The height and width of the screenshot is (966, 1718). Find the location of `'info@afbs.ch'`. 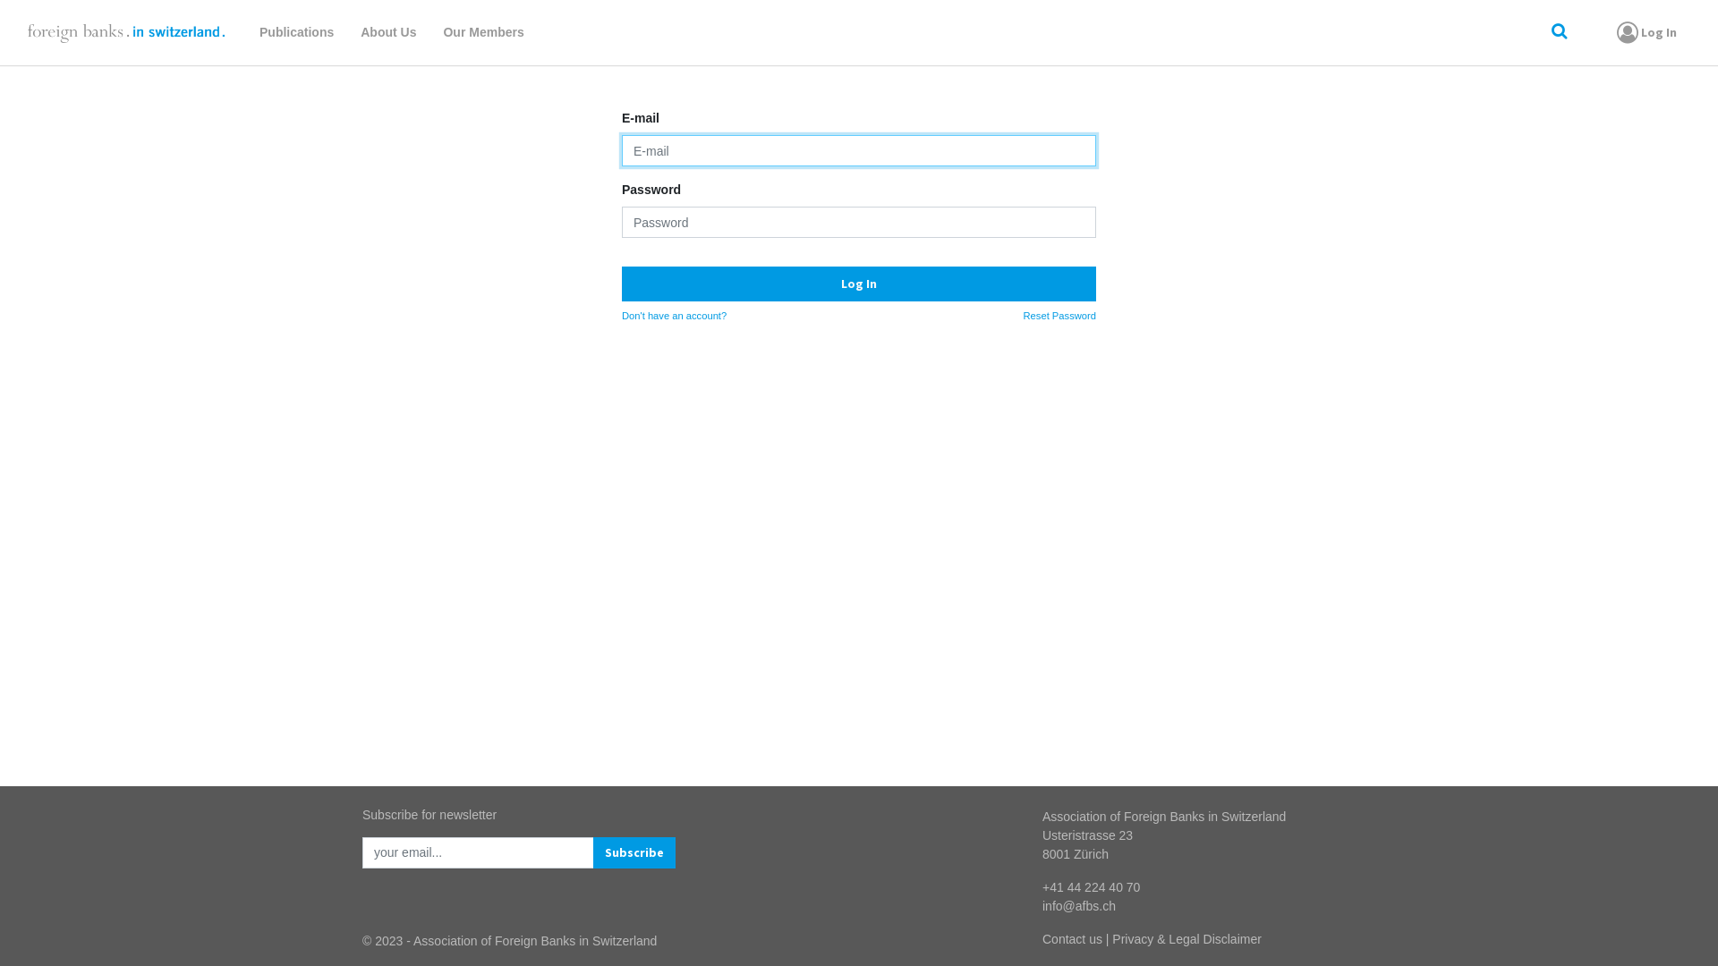

'info@afbs.ch' is located at coordinates (1042, 906).